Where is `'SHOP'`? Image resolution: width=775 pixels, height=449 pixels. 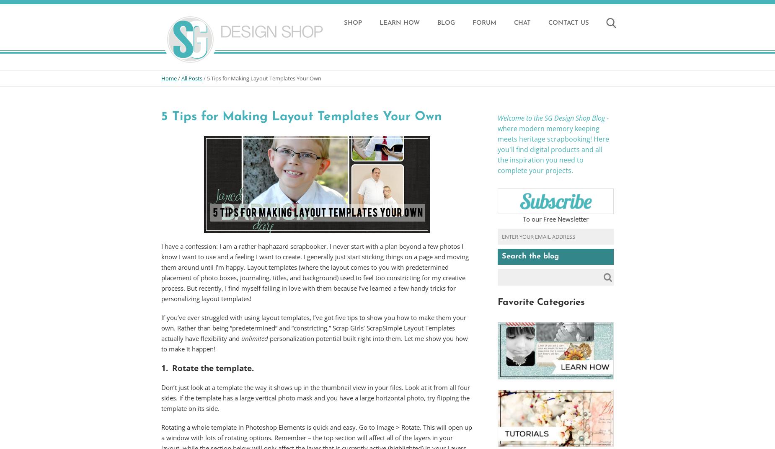 'SHOP' is located at coordinates (344, 23).